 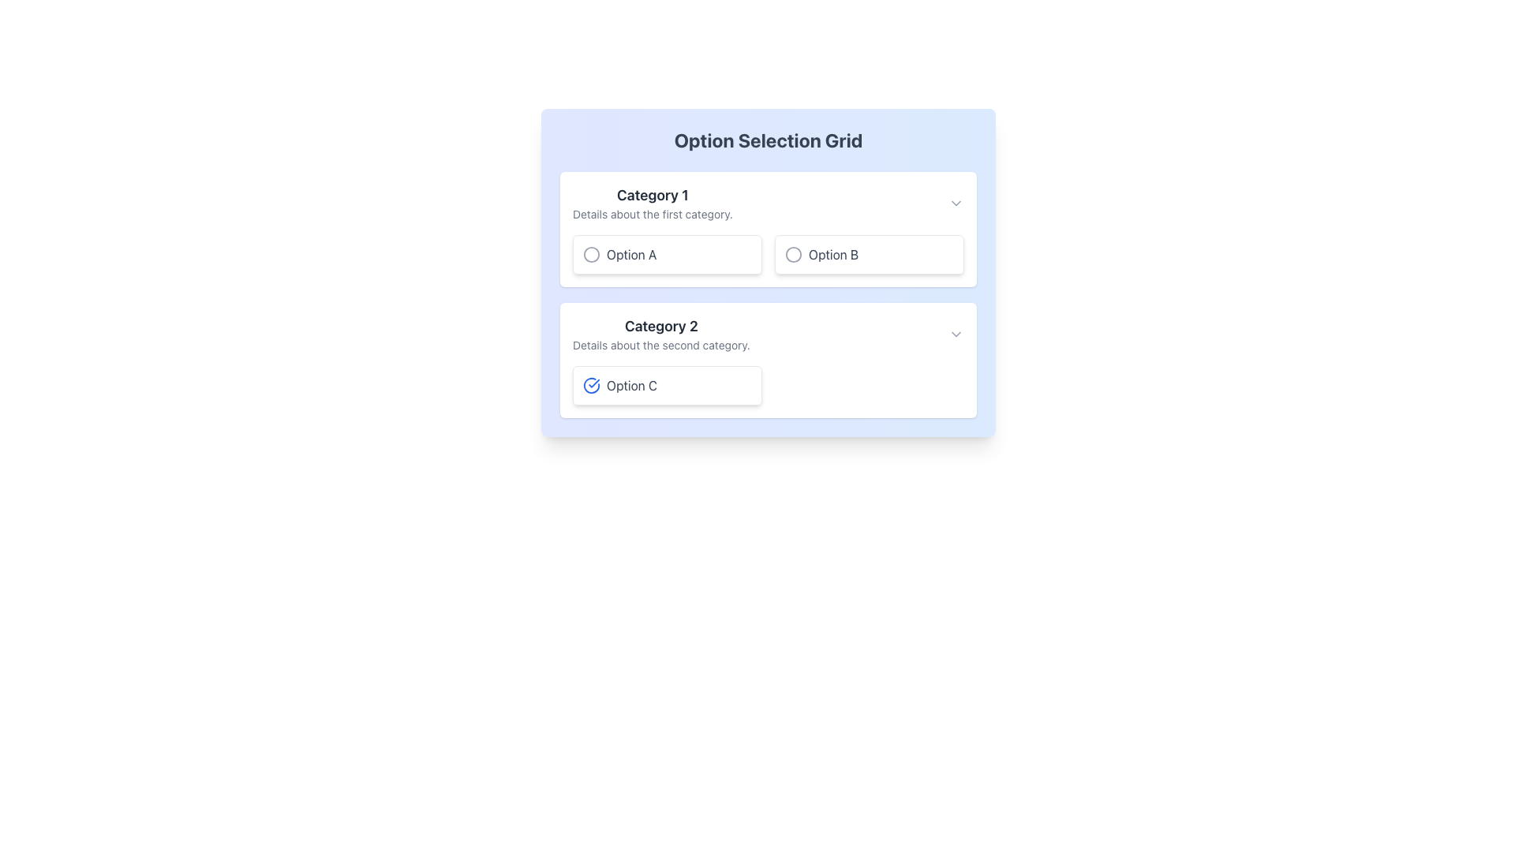 I want to click on the selectable button with radio-button style functionality located in the top right corner of the 'Category 1' section, so click(x=869, y=254).